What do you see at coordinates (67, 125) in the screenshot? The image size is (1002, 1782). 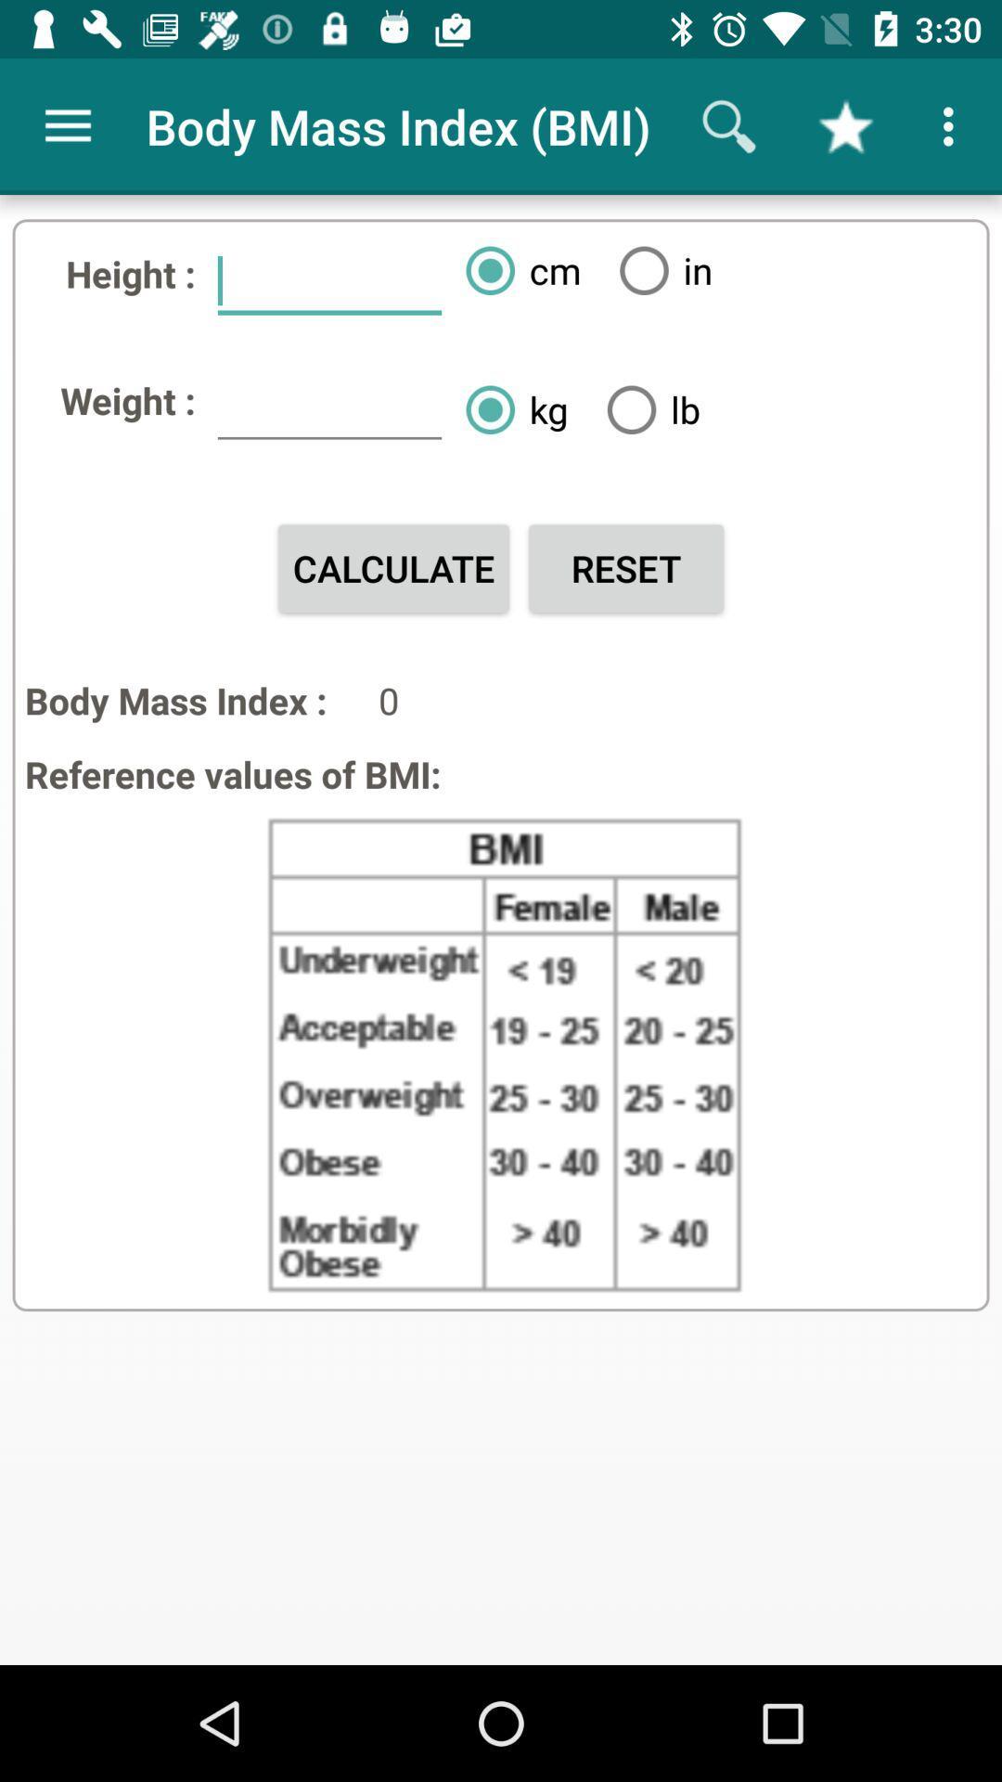 I see `the icon next to body mass index item` at bounding box center [67, 125].